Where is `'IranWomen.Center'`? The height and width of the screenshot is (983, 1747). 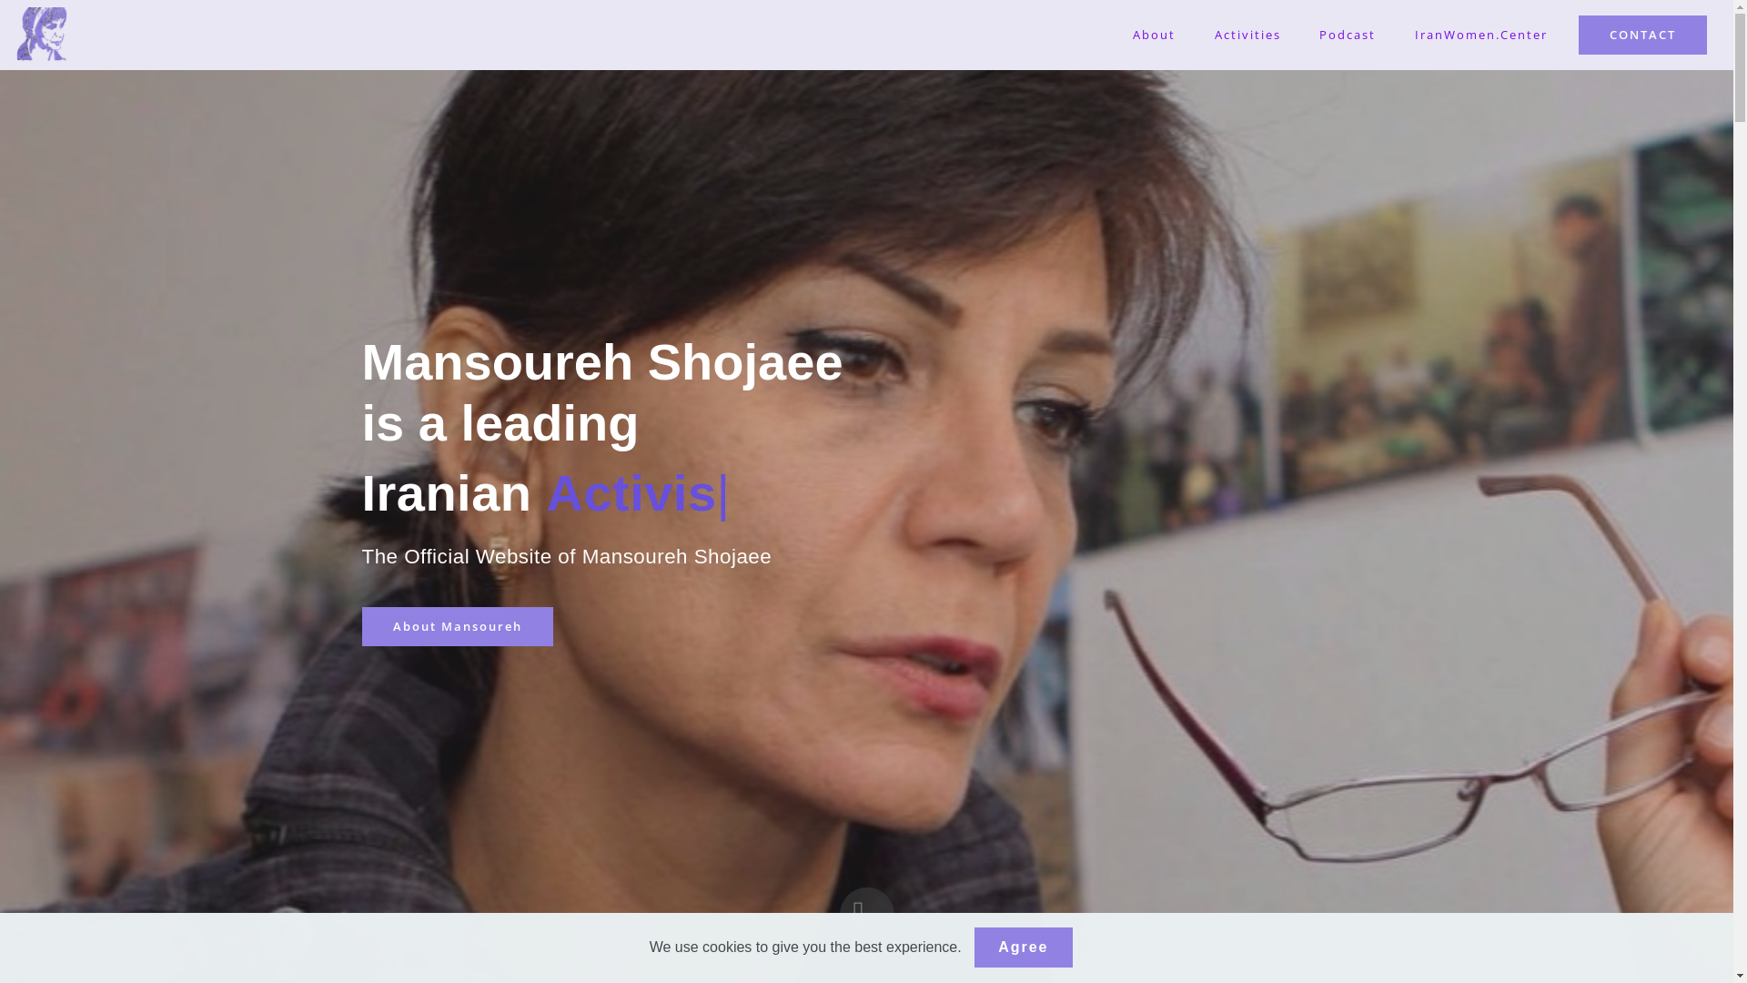 'IranWomen.Center' is located at coordinates (1481, 35).